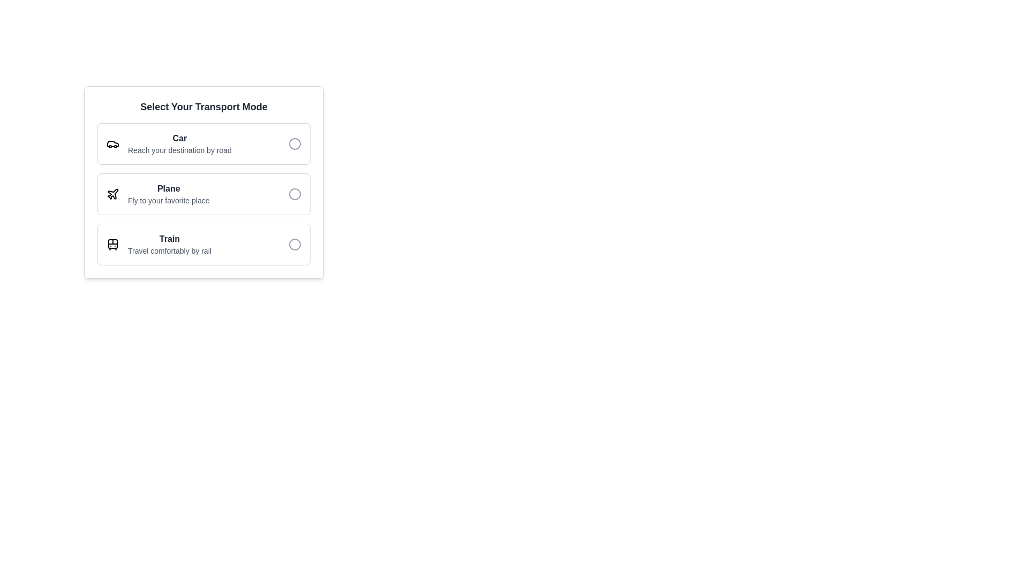  Describe the element at coordinates (113, 244) in the screenshot. I see `the rectangle component resembling a window or panel within the 'Train' icon, located in the middle upper section of the icon` at that location.